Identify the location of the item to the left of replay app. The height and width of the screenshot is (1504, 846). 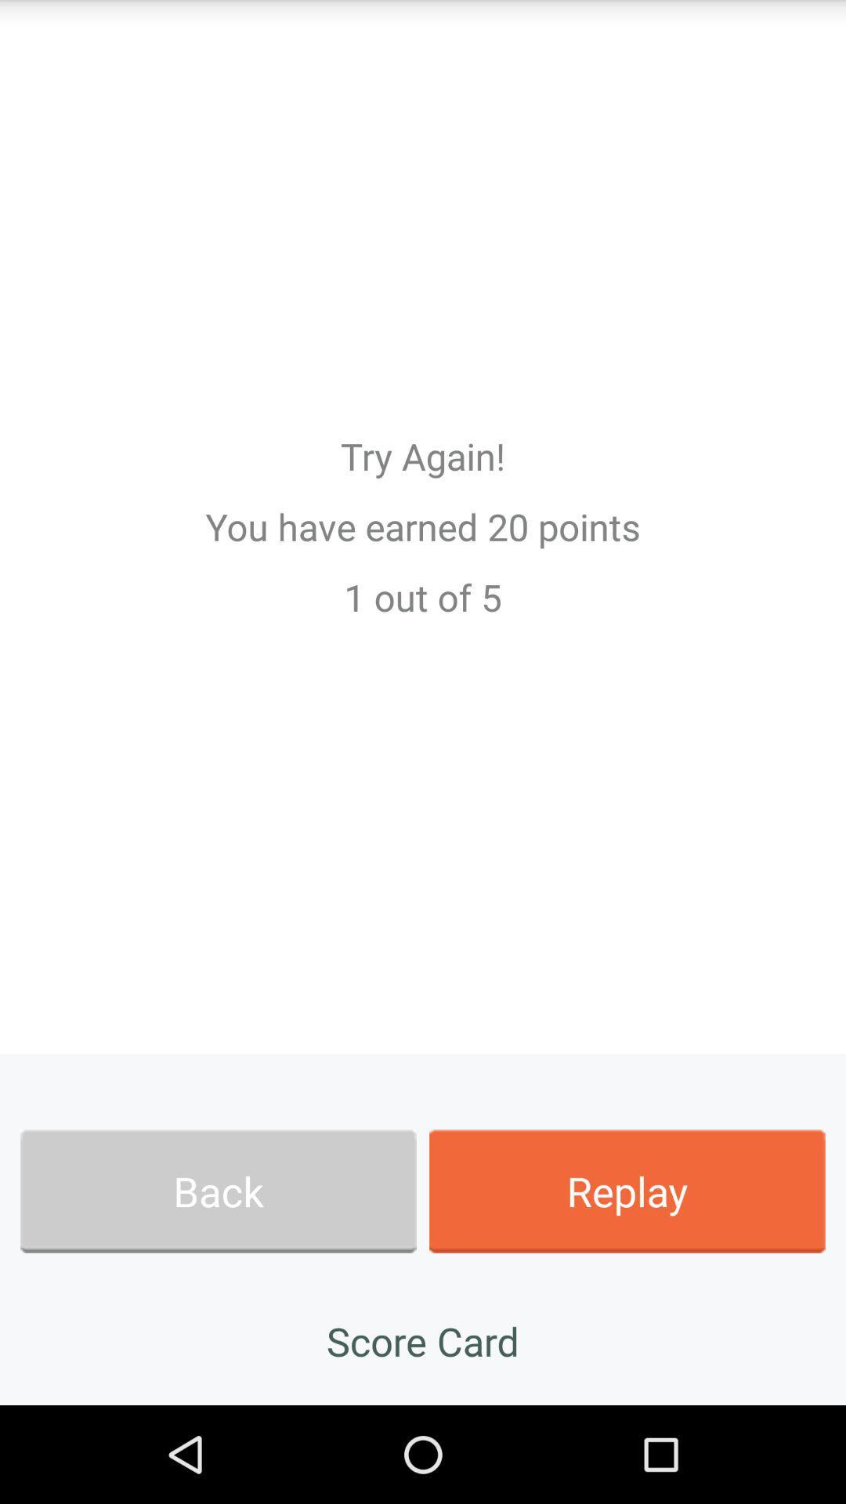
(218, 1191).